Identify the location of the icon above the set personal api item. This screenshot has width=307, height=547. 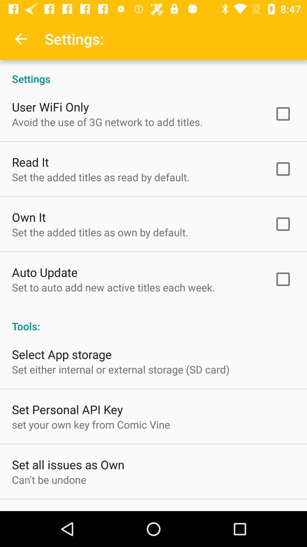
(120, 369).